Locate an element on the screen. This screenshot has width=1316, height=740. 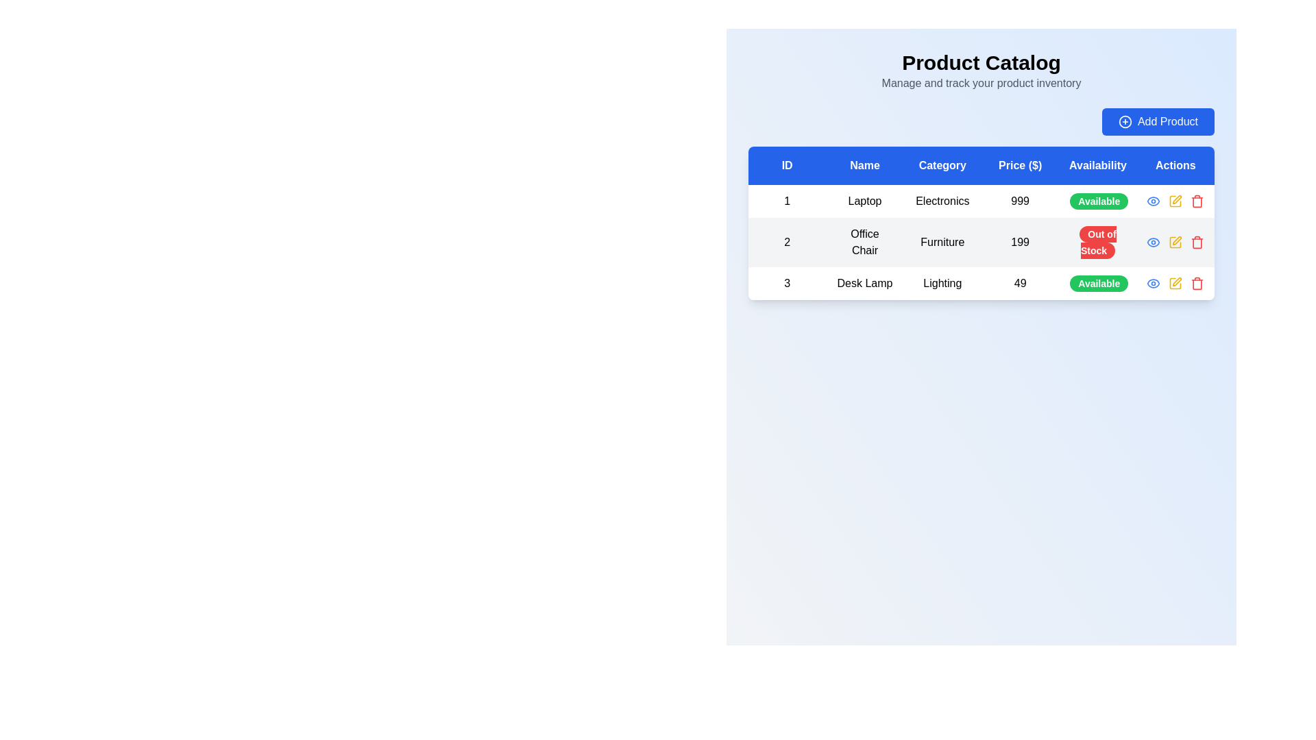
the 'Edit' icon button for the product 'Office Chair' located in the rightmost column of the table is located at coordinates (1176, 240).